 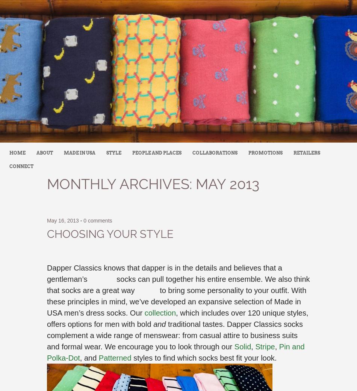 I want to click on 'Stripe', so click(x=265, y=346).